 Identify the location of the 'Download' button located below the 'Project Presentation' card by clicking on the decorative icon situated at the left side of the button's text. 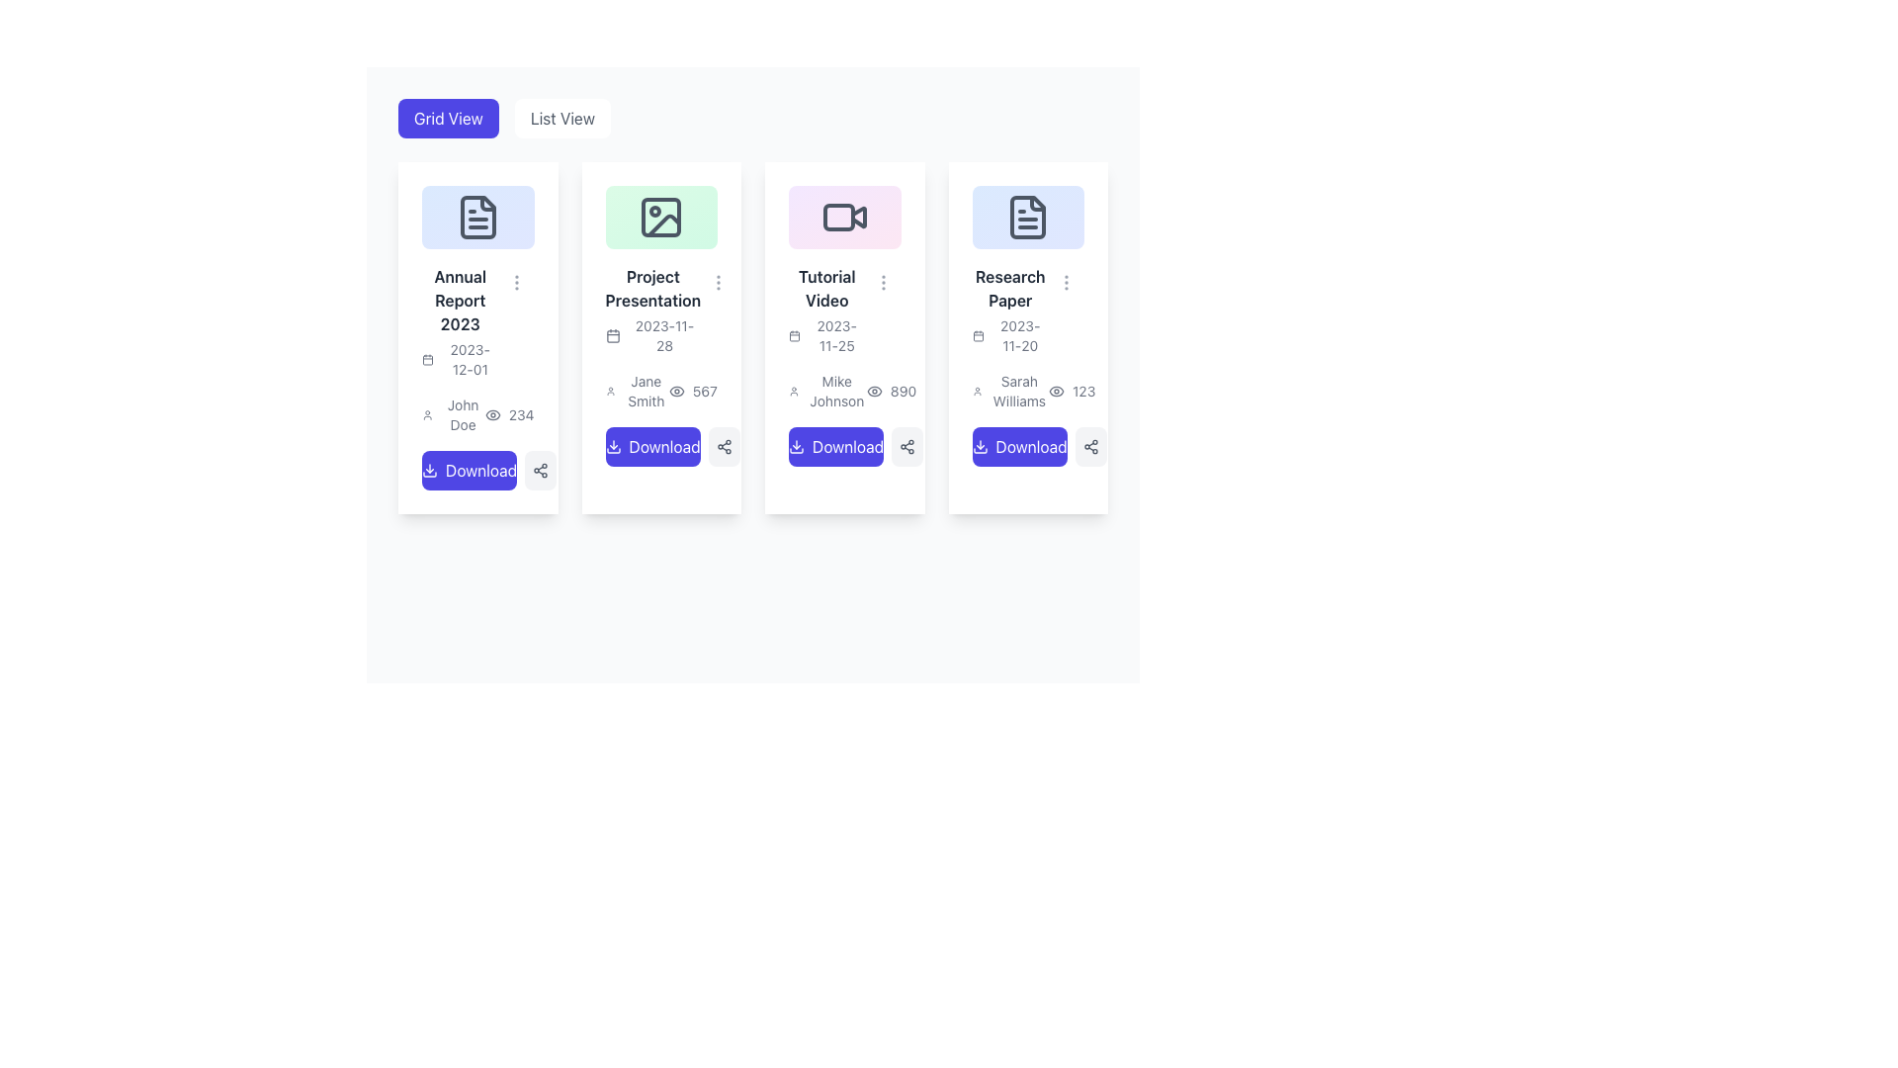
(612, 446).